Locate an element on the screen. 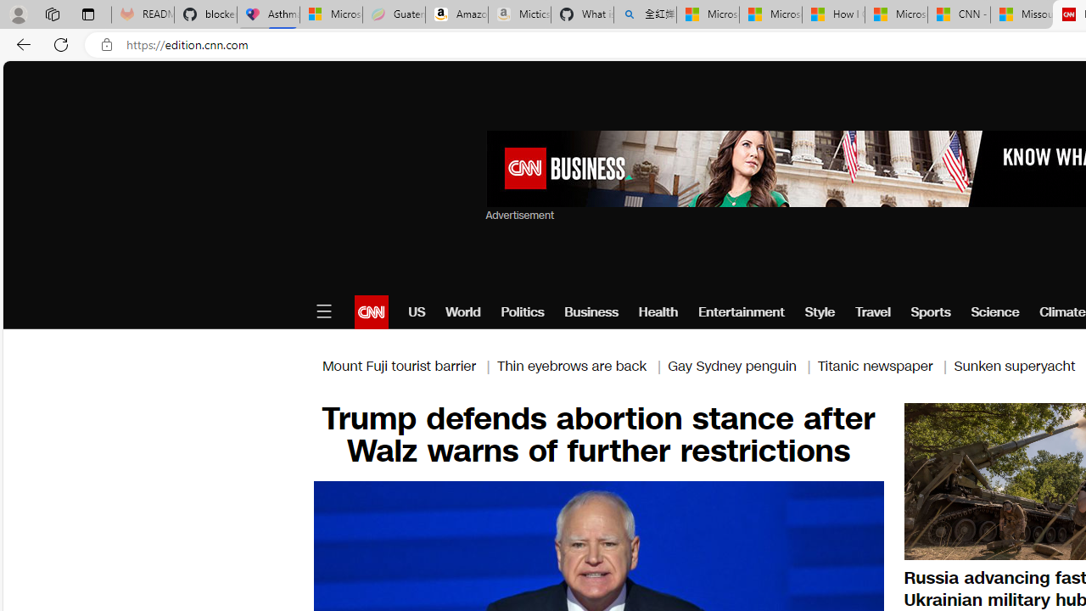 This screenshot has height=611, width=1086. 'Titanic newspaper |' is located at coordinates (884, 365).